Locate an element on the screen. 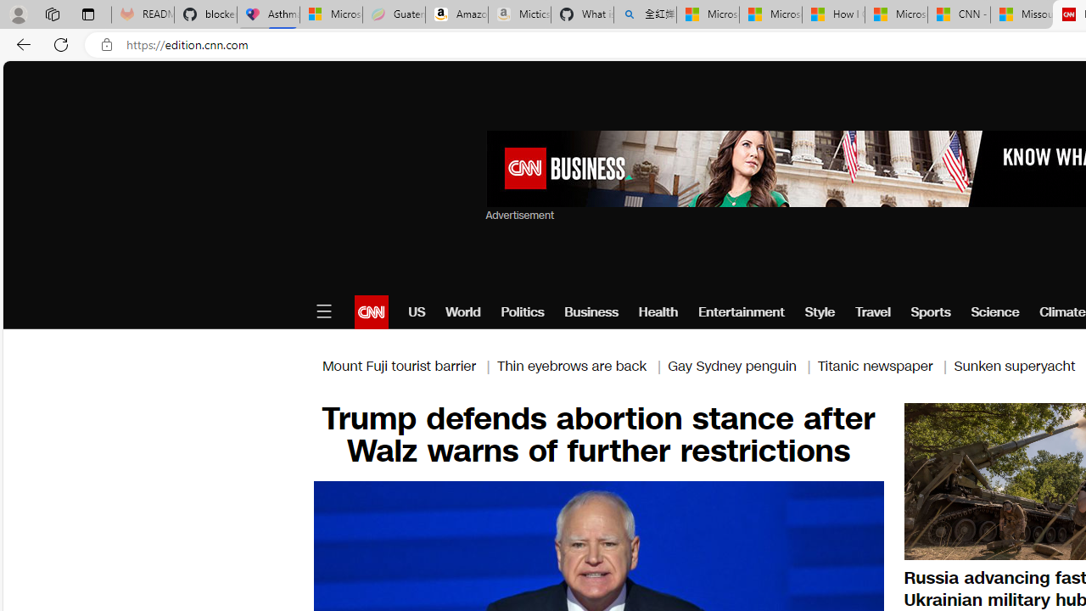 This screenshot has height=611, width=1086. 'Titanic newspaper |' is located at coordinates (884, 365).